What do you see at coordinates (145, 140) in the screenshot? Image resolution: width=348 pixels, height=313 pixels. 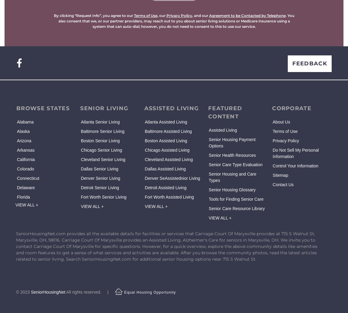 I see `'Boston Assisted Living'` at bounding box center [145, 140].